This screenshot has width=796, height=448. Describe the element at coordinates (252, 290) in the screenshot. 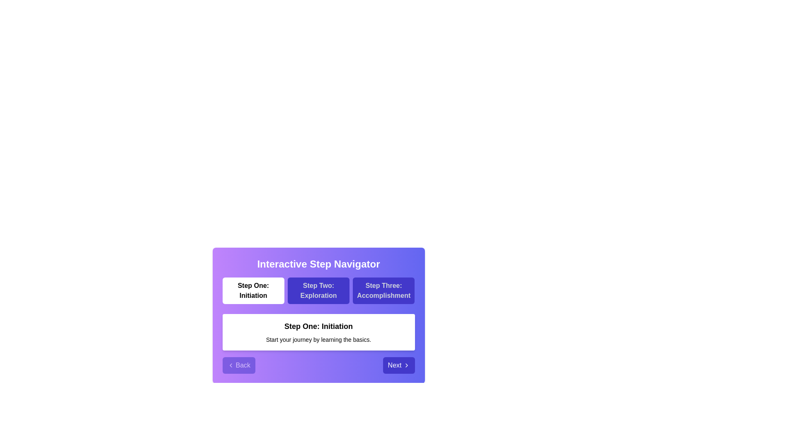

I see `the step labeled Step One: Initiation to navigate to it` at that location.